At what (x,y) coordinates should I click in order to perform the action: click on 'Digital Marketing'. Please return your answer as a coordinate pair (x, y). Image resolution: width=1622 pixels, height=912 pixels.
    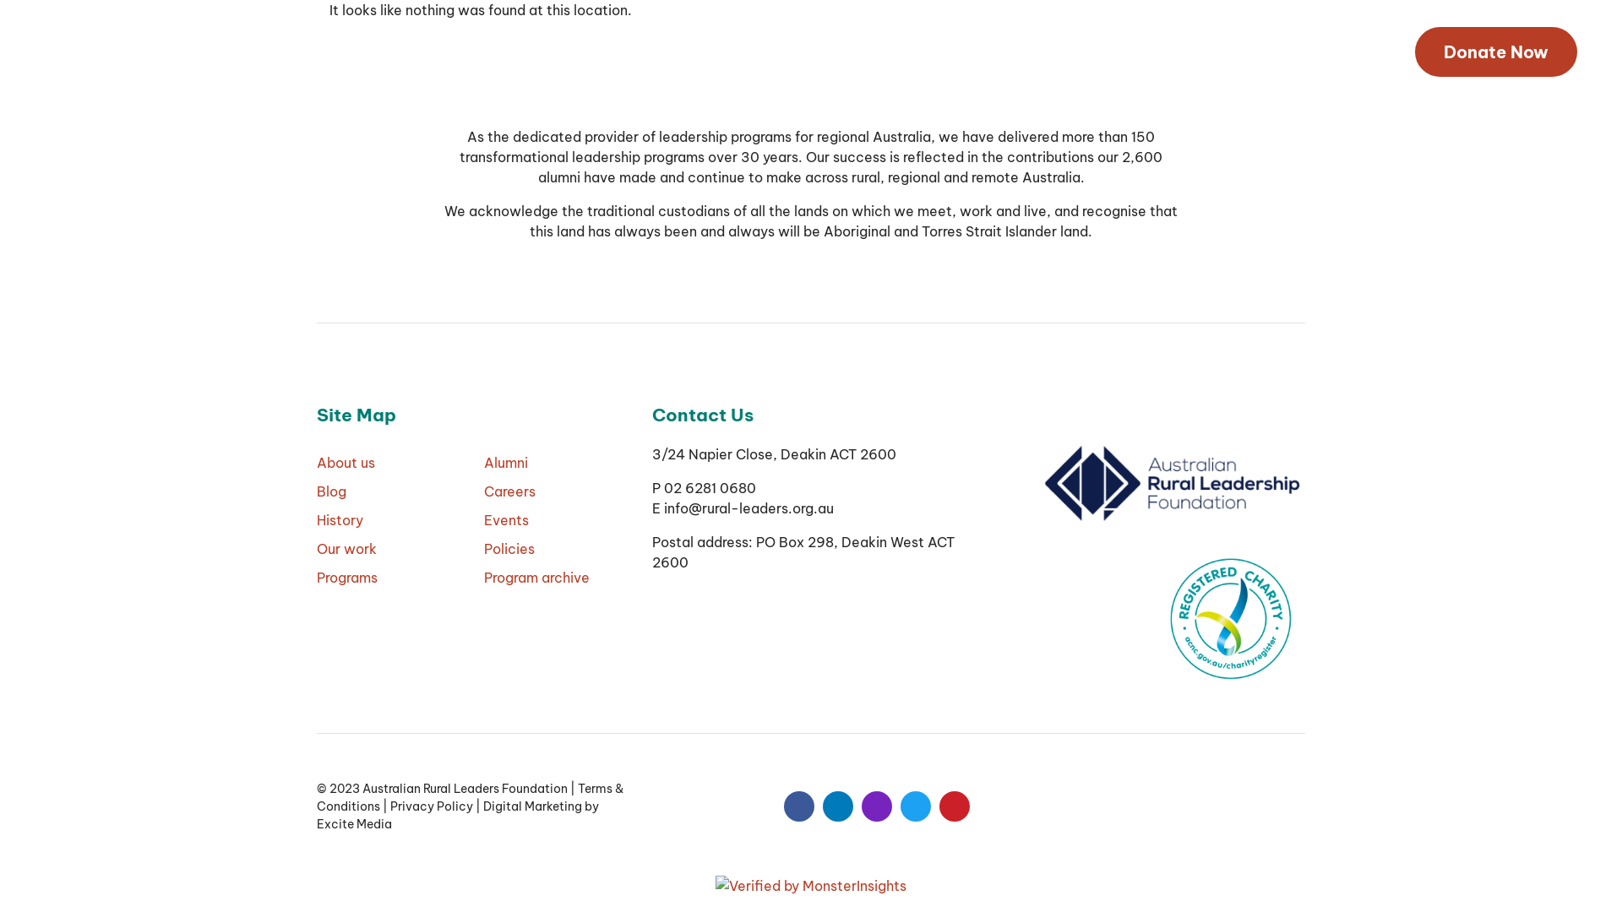
    Looking at the image, I should click on (531, 806).